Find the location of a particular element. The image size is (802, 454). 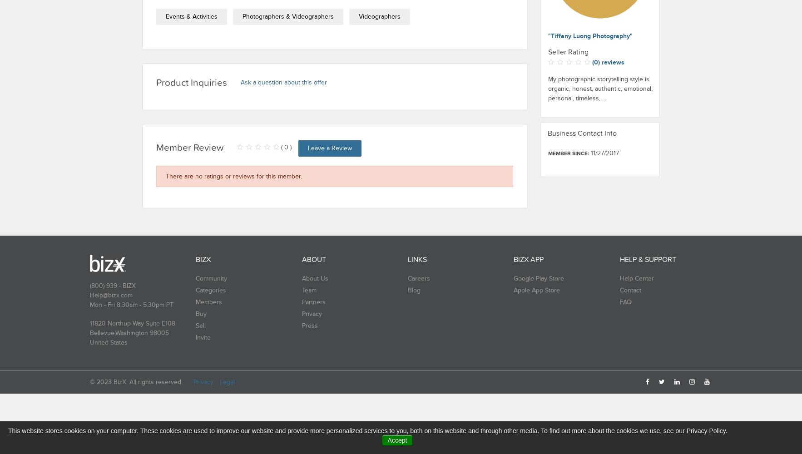

'Legal' is located at coordinates (227, 381).